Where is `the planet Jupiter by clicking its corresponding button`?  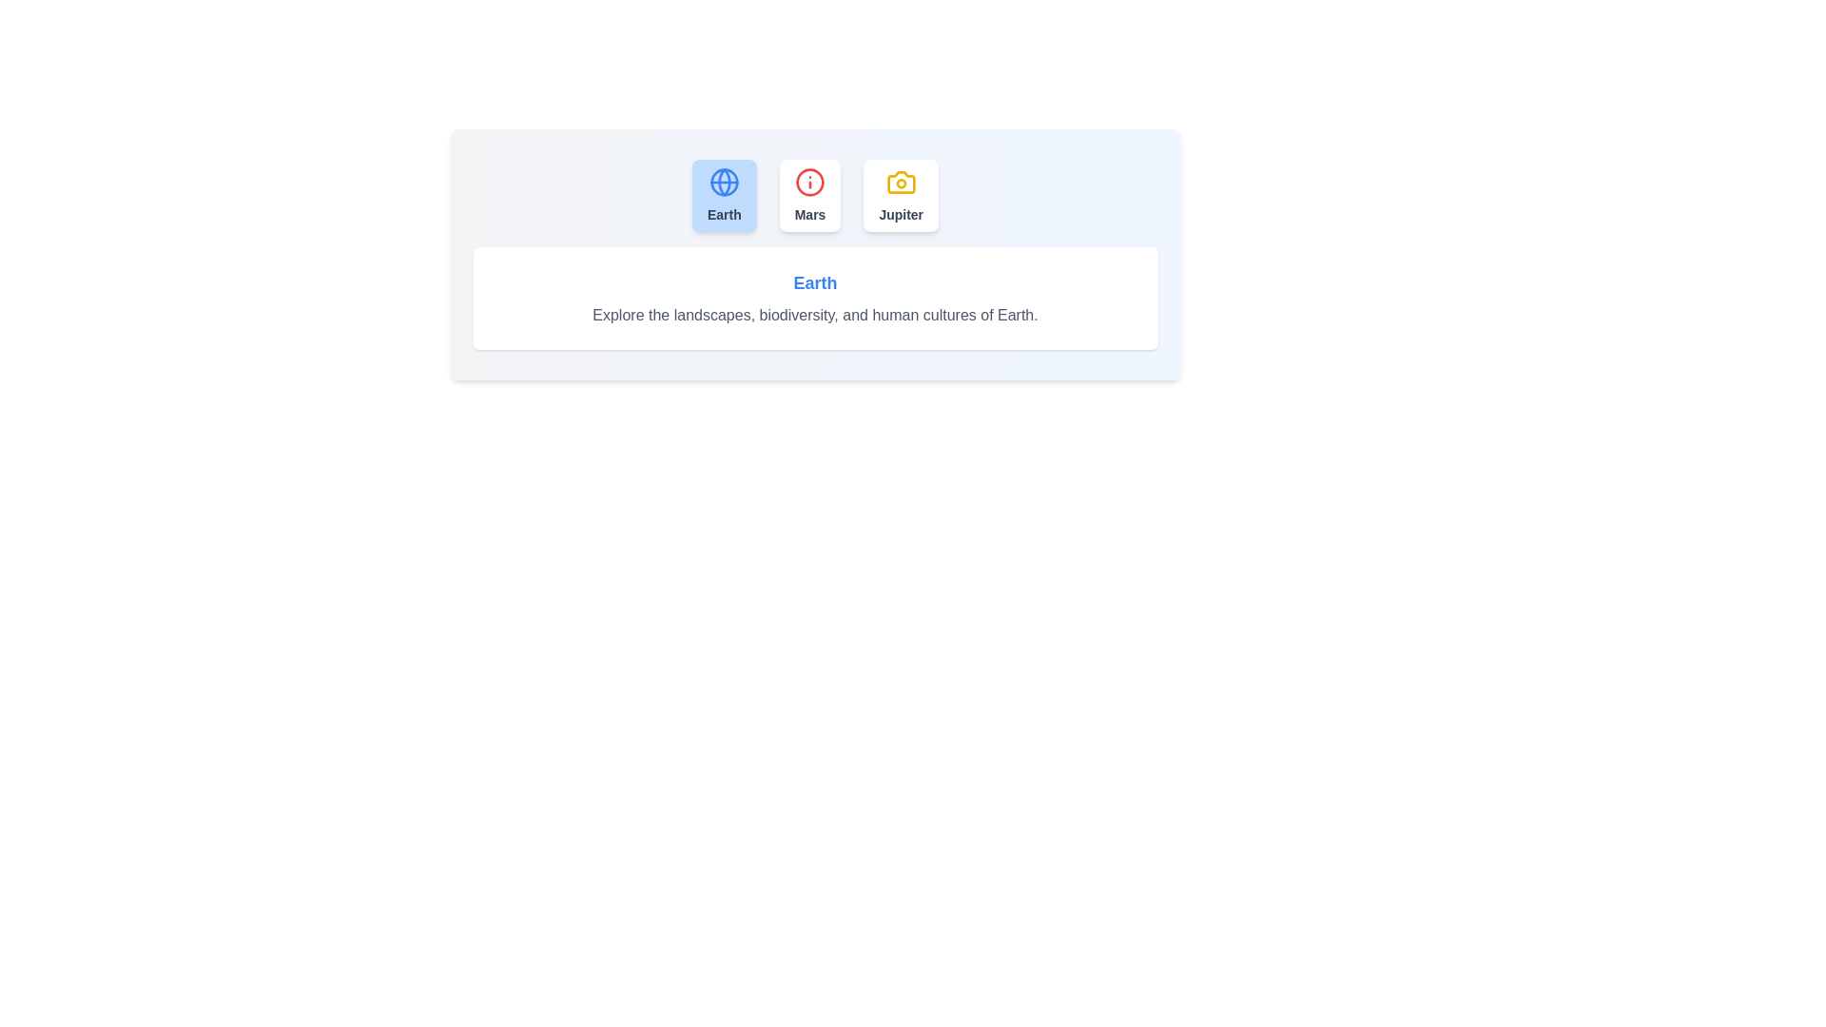 the planet Jupiter by clicking its corresponding button is located at coordinates (900, 195).